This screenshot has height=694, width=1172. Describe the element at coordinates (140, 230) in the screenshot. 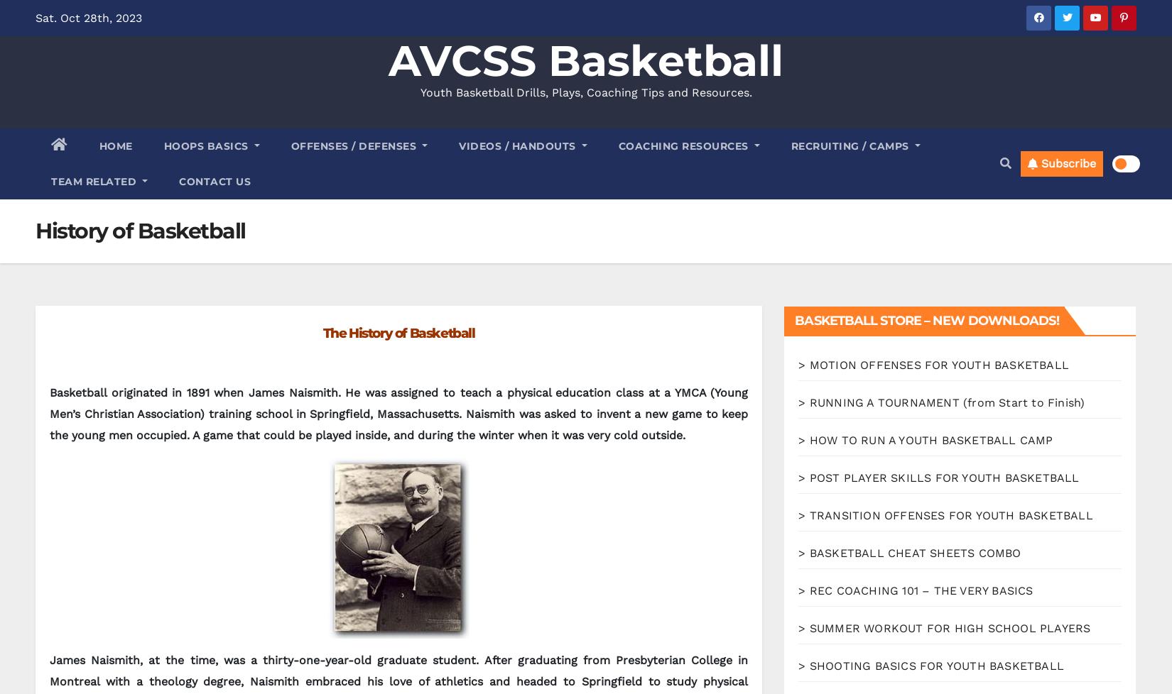

I see `'History of Basketball'` at that location.